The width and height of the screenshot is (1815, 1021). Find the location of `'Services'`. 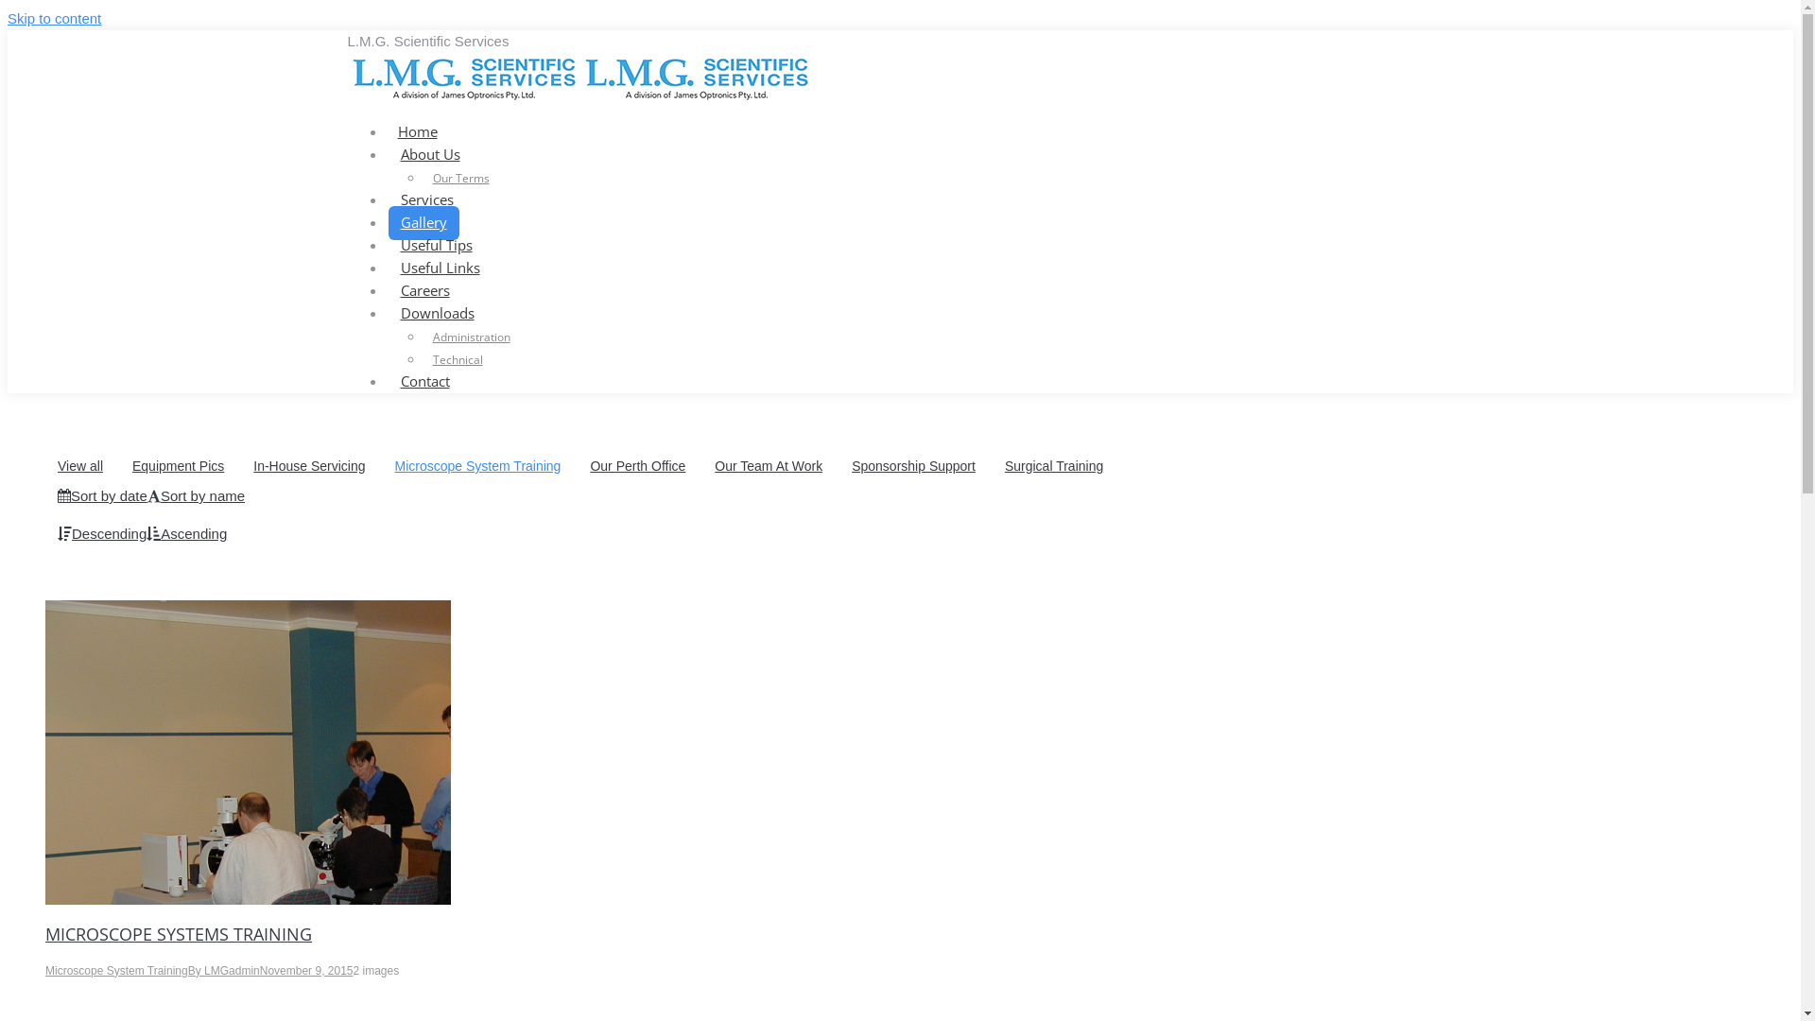

'Services' is located at coordinates (386, 200).